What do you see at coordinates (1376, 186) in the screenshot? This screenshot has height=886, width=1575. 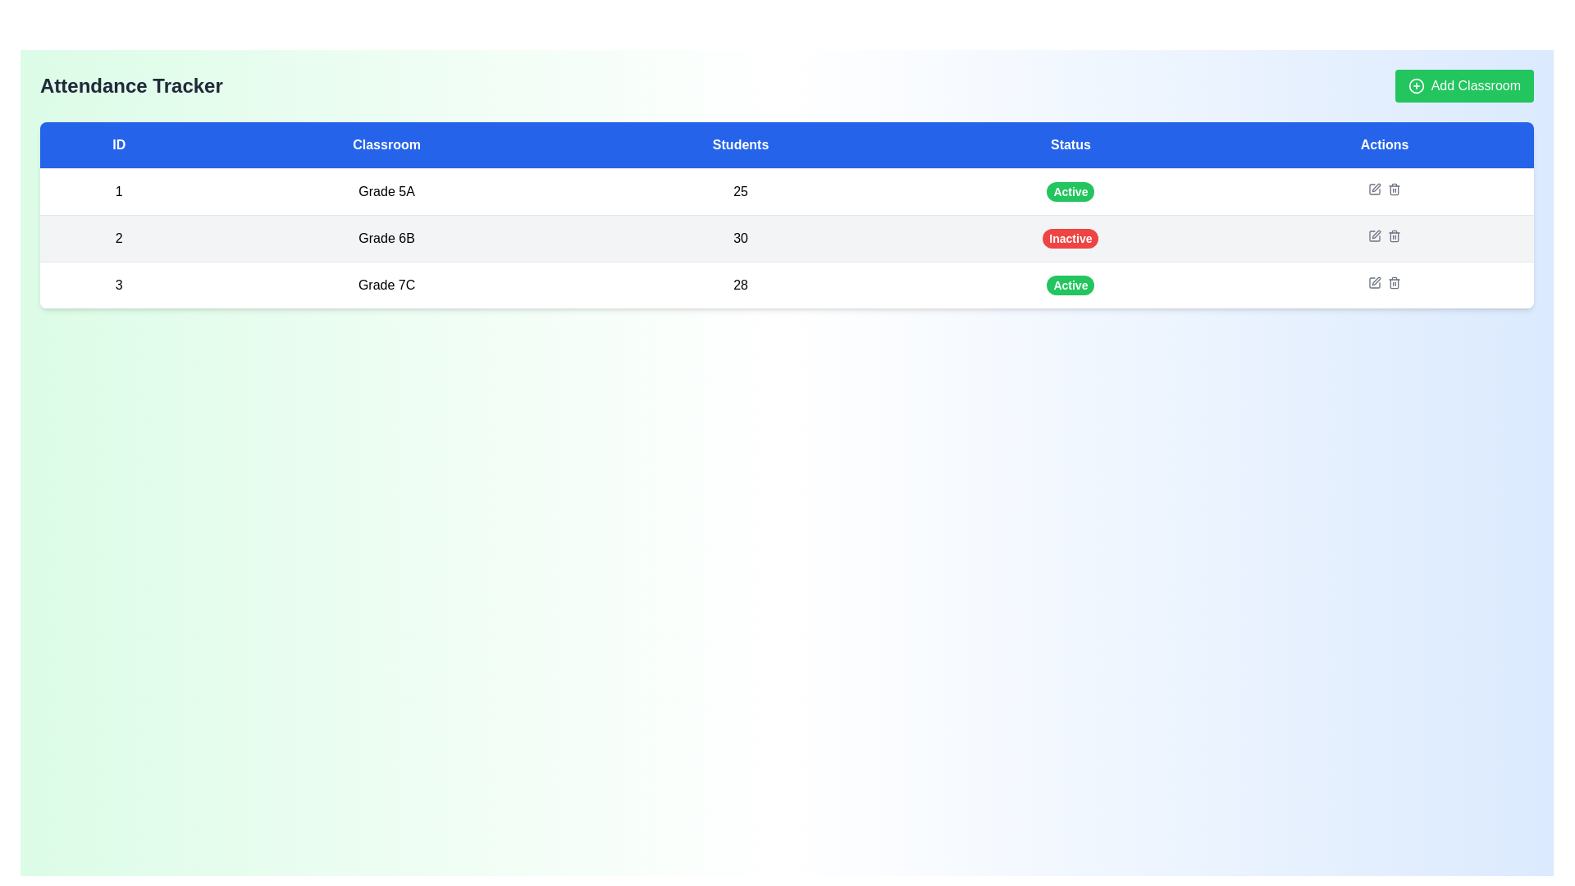 I see `the stylized pen icon located in the 'Actions' column of the second row for the classroom 'Grade 6B' to initiate editing` at bounding box center [1376, 186].